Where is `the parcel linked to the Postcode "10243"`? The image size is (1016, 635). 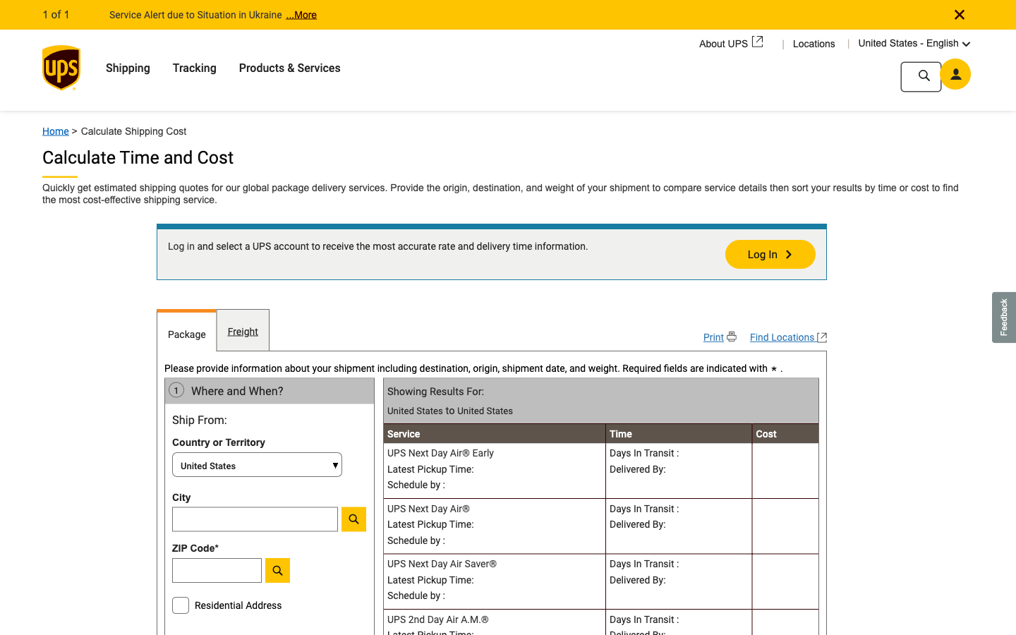 the parcel linked to the Postcode "10243" is located at coordinates (254, 574).